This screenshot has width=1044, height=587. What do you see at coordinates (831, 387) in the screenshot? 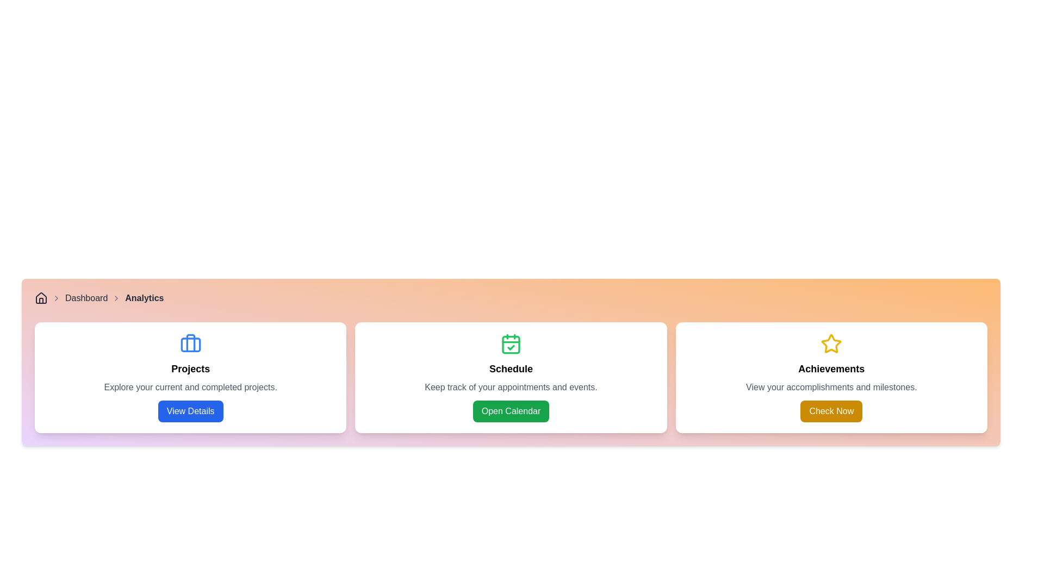
I see `the static text that reads 'View your accomplishments and milestones', located in the 'Achievements' section beneath the larger title and above the yellow 'Check Now' button` at bounding box center [831, 387].